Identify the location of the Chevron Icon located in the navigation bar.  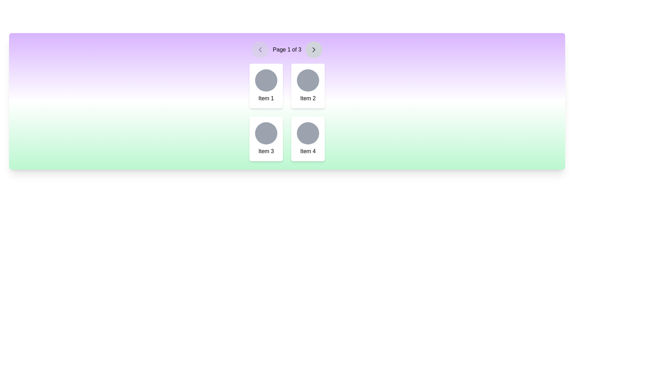
(313, 49).